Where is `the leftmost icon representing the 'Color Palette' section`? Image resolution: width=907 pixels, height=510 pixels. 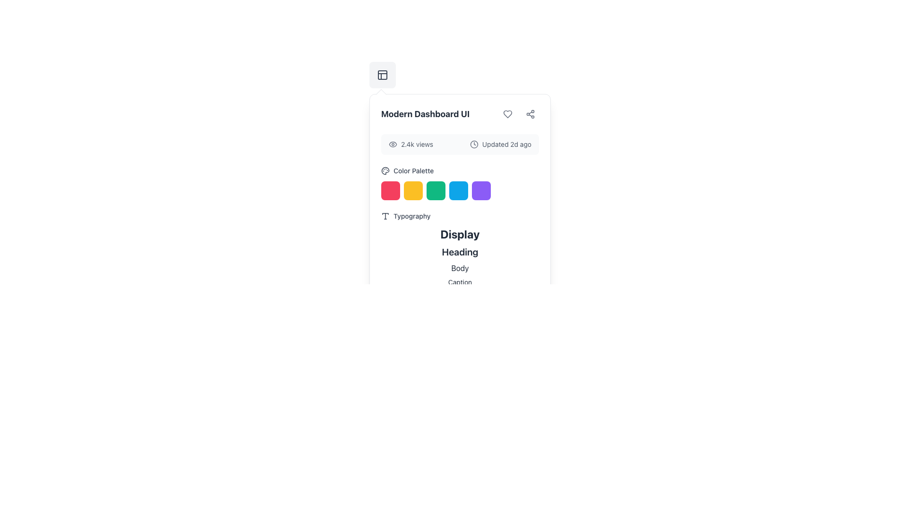
the leftmost icon representing the 'Color Palette' section is located at coordinates (385, 171).